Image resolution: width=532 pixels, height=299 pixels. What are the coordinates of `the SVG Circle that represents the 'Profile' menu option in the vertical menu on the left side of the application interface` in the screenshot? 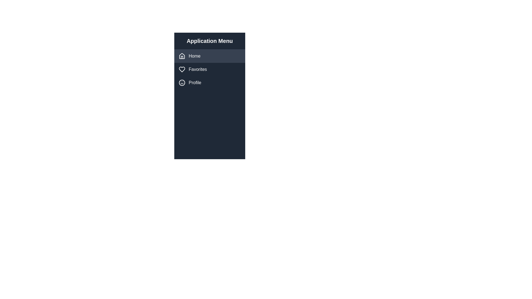 It's located at (182, 83).